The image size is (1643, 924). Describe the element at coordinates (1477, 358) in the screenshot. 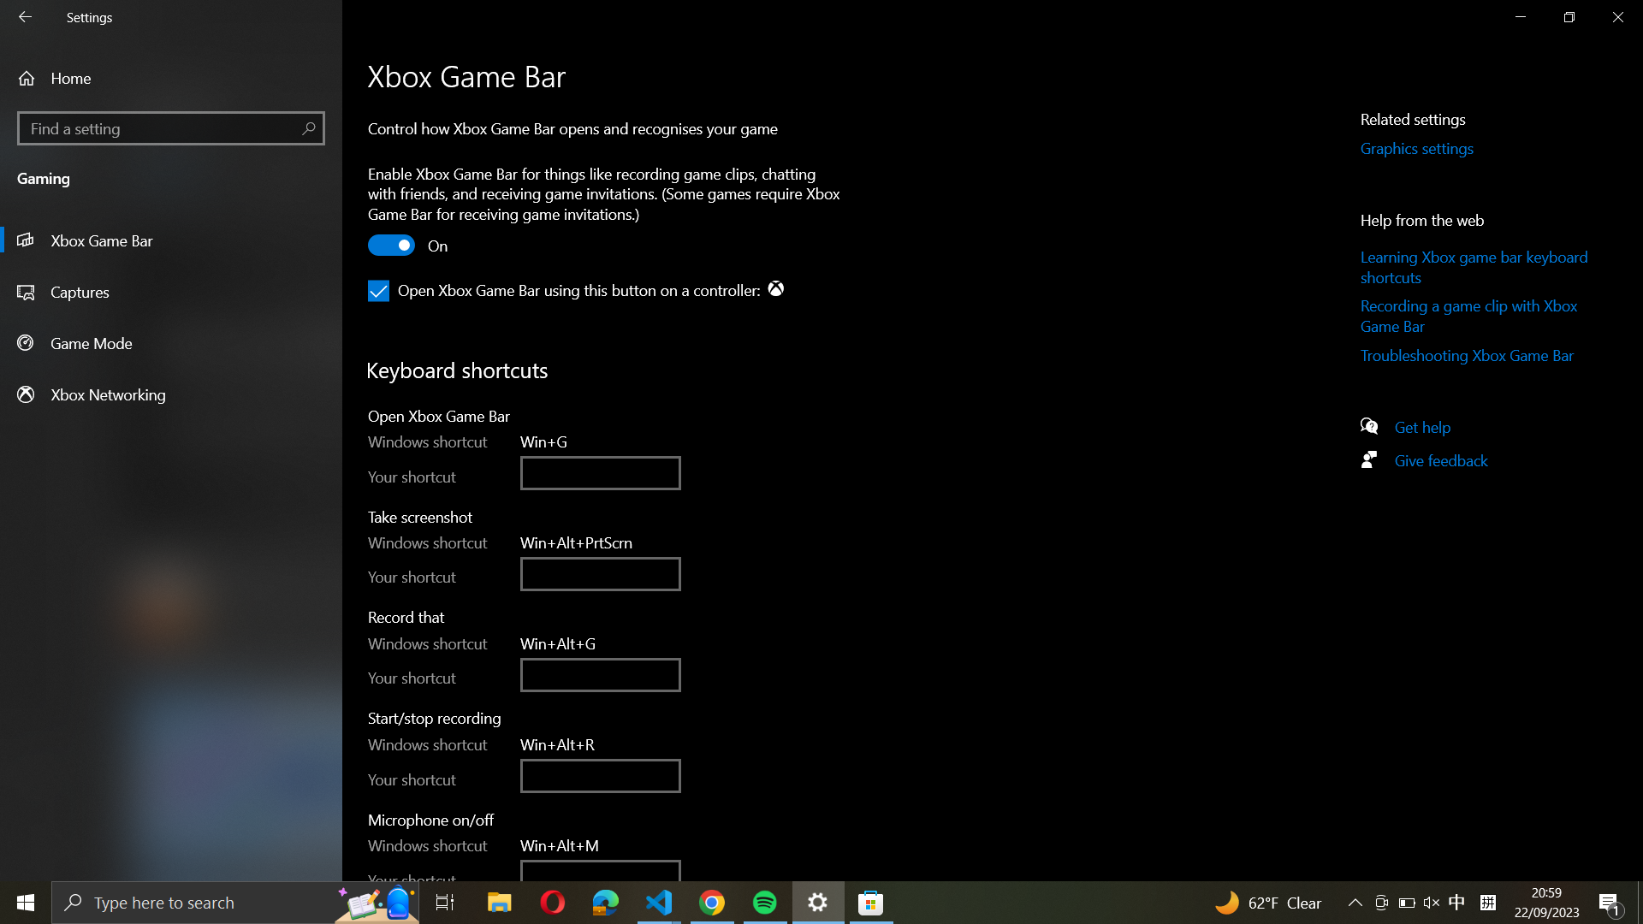

I see `the Xbox Game Bar Troubleshooting page` at that location.